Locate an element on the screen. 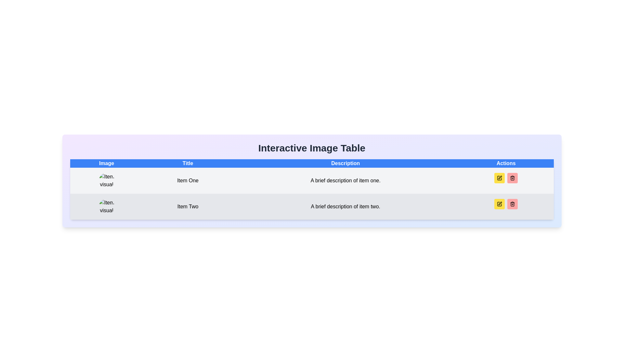 The height and width of the screenshot is (351, 624). the Text element that serves as the title in the second row under the 'Title' column of the table, positioned next to the 'Item visual' cell is located at coordinates (188, 207).